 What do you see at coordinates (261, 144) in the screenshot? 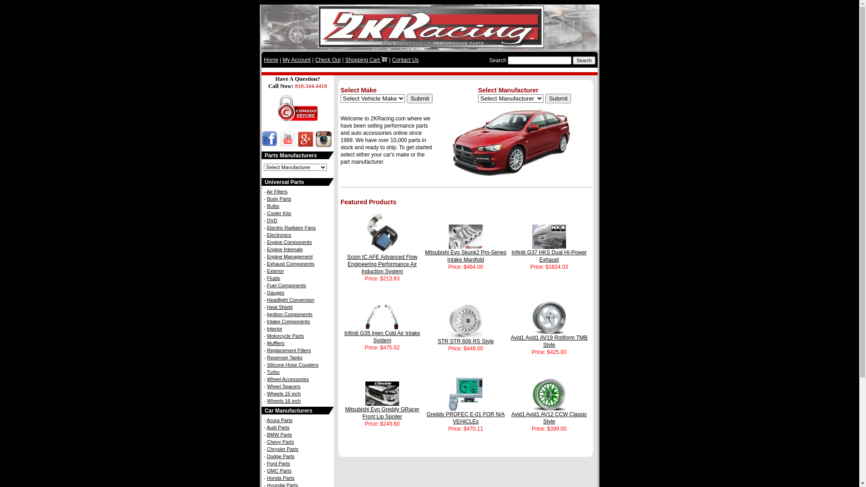
I see `'2KRacing Facebook Page - Like Us!'` at bounding box center [261, 144].